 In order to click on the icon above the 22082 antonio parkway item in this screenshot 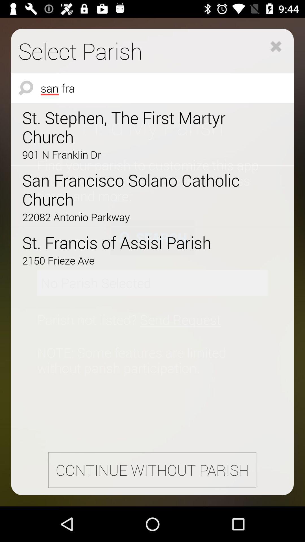, I will do `click(136, 190)`.